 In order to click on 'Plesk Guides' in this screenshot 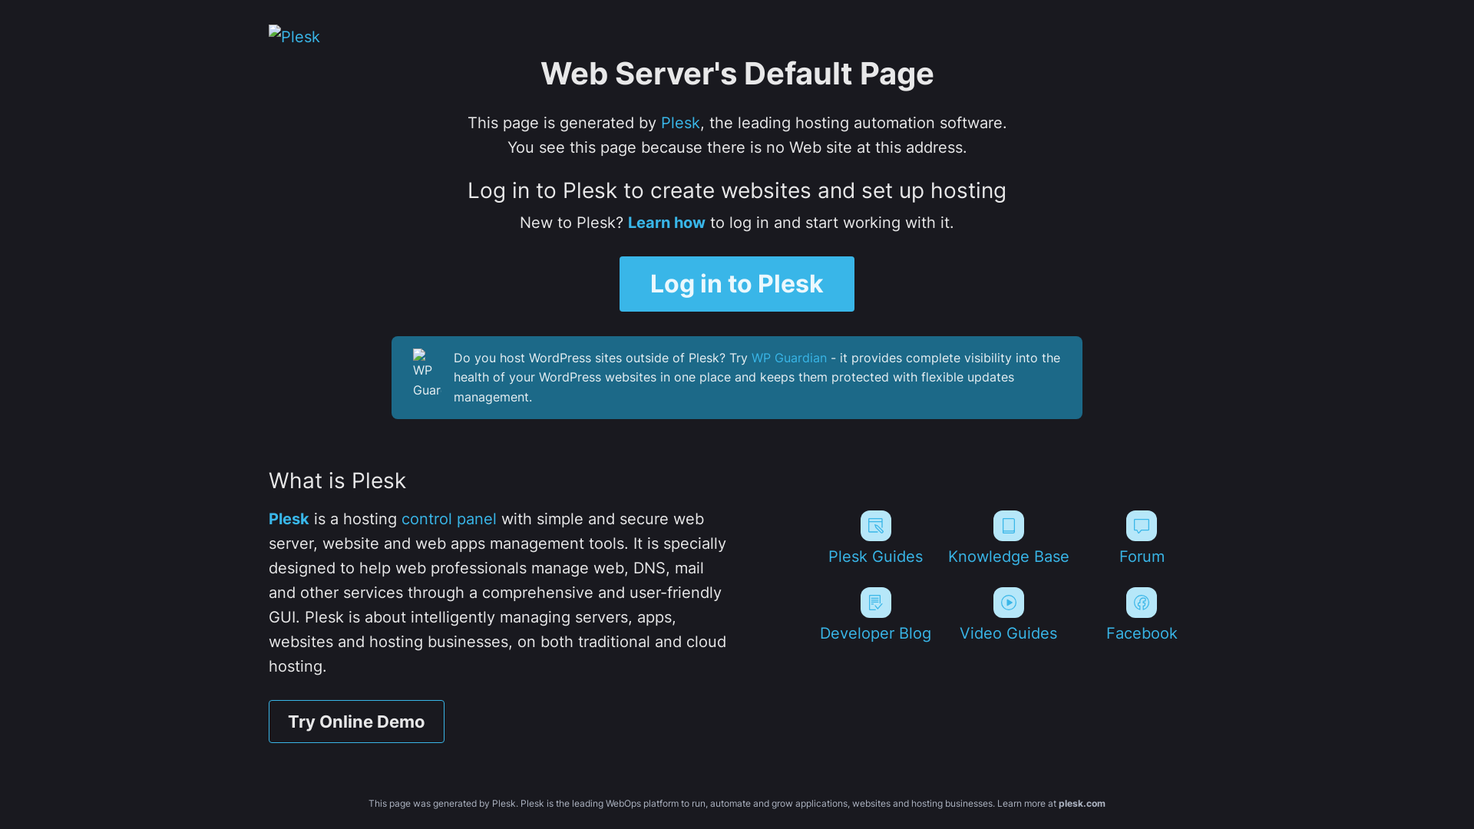, I will do `click(875, 537)`.